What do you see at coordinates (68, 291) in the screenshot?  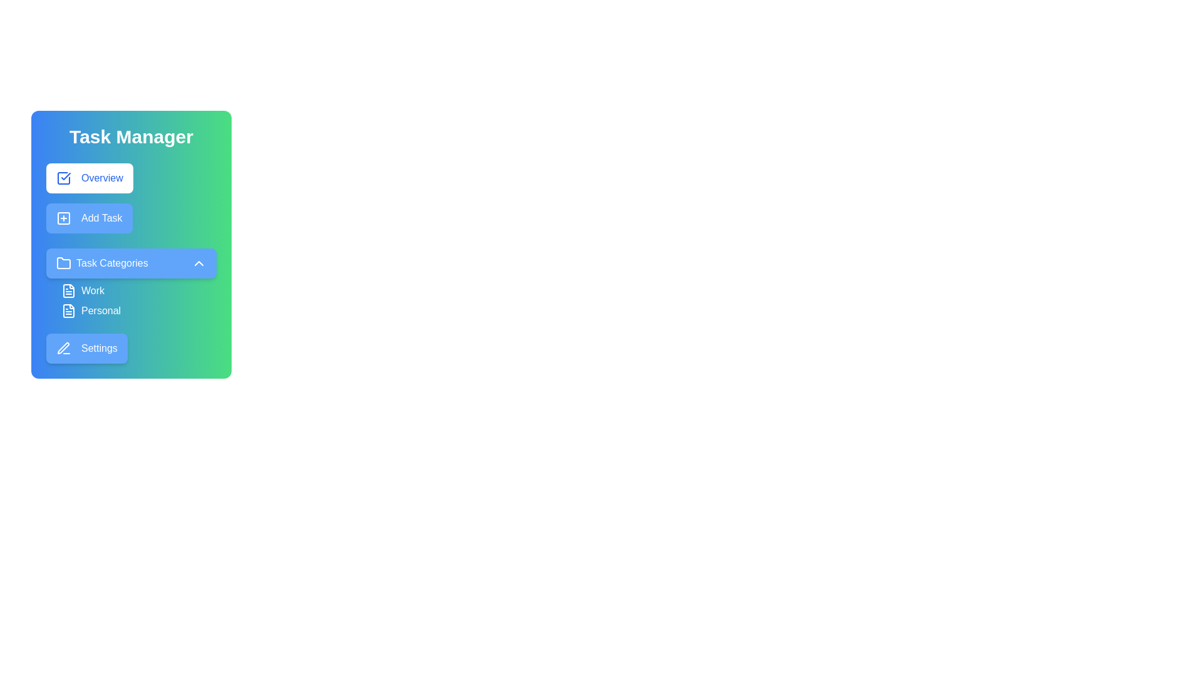 I see `the 'Work' category icon located to the left of the 'Work' label in the 'Task Categories' section of the sidebar menu` at bounding box center [68, 291].